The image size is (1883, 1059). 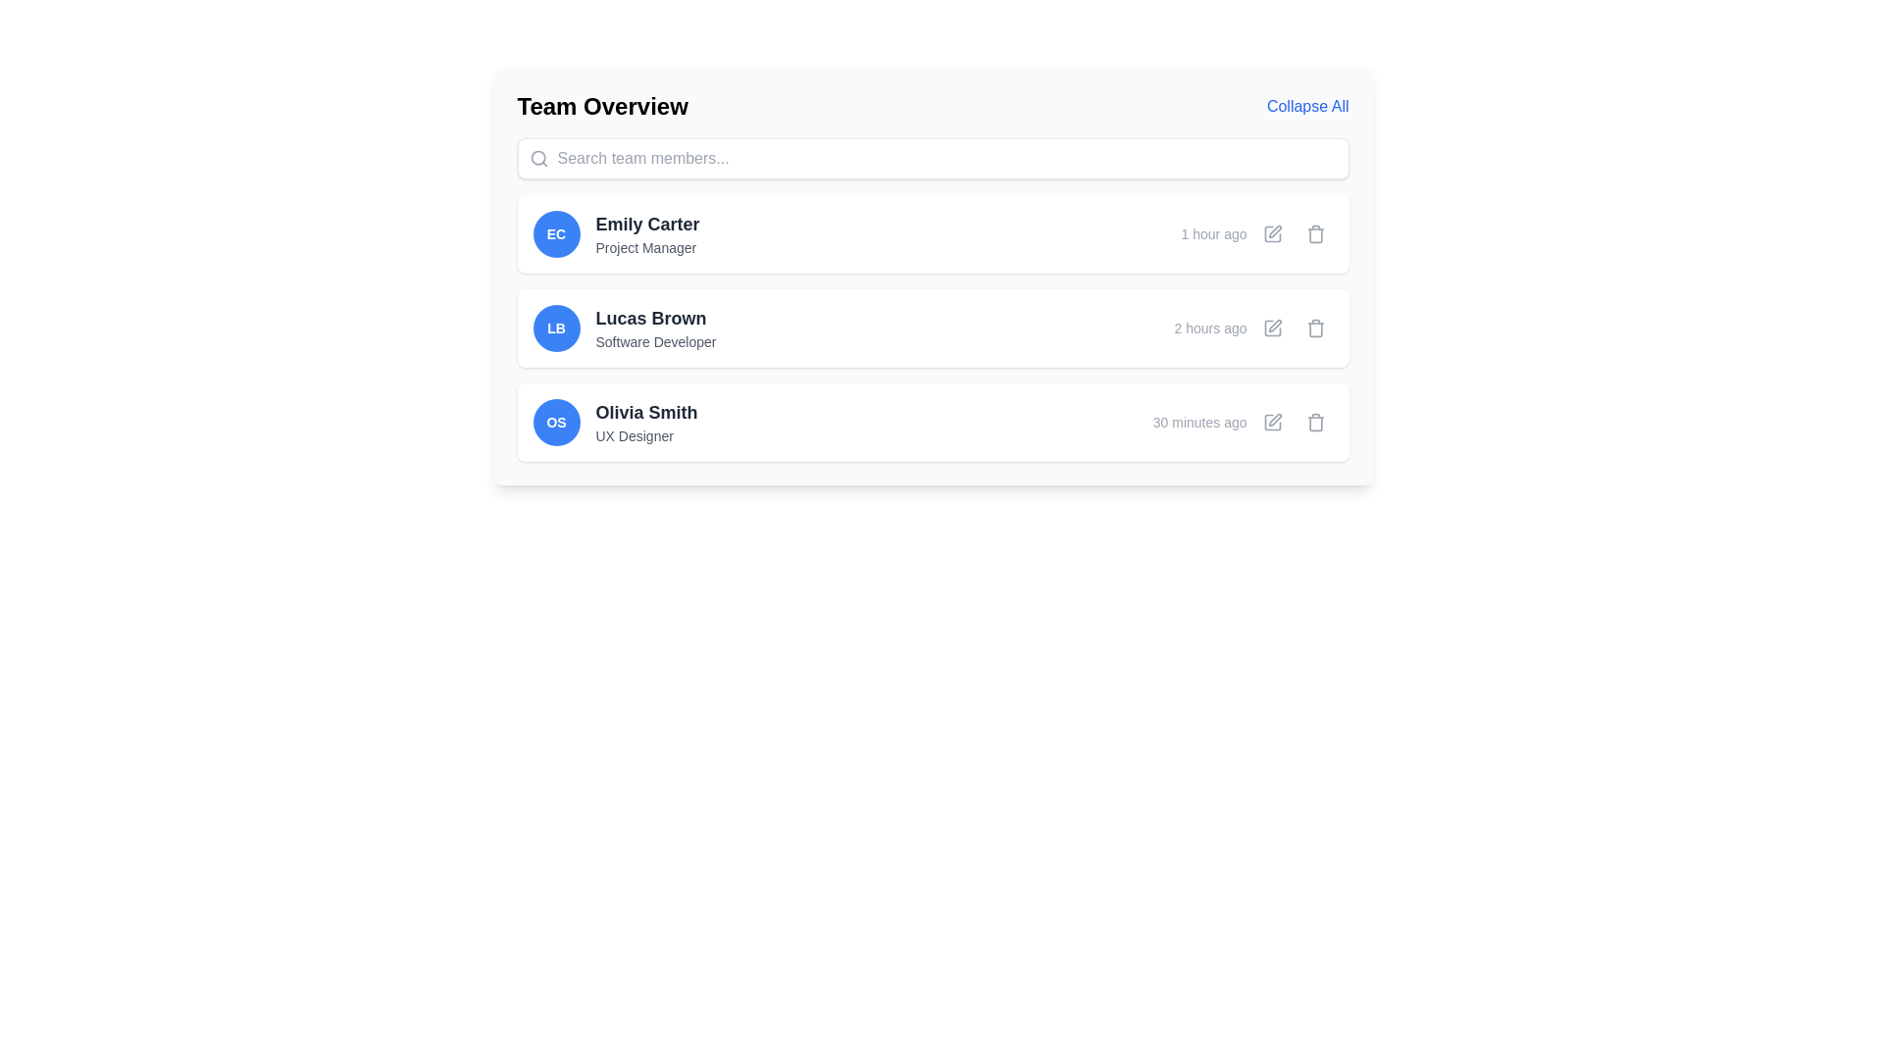 What do you see at coordinates (1315, 328) in the screenshot?
I see `the trash bin icon representing the body of the bin, associated with the 'Lucas Brown' row in the 'Team Overview' section` at bounding box center [1315, 328].